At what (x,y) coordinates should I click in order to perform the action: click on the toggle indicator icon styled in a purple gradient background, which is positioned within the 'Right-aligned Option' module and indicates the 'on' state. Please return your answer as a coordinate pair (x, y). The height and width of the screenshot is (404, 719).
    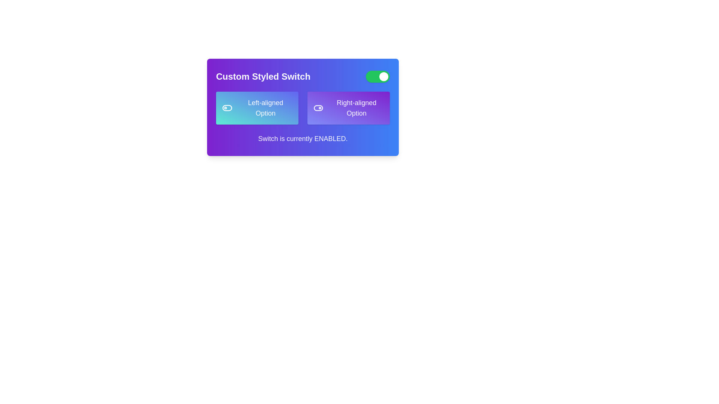
    Looking at the image, I should click on (318, 108).